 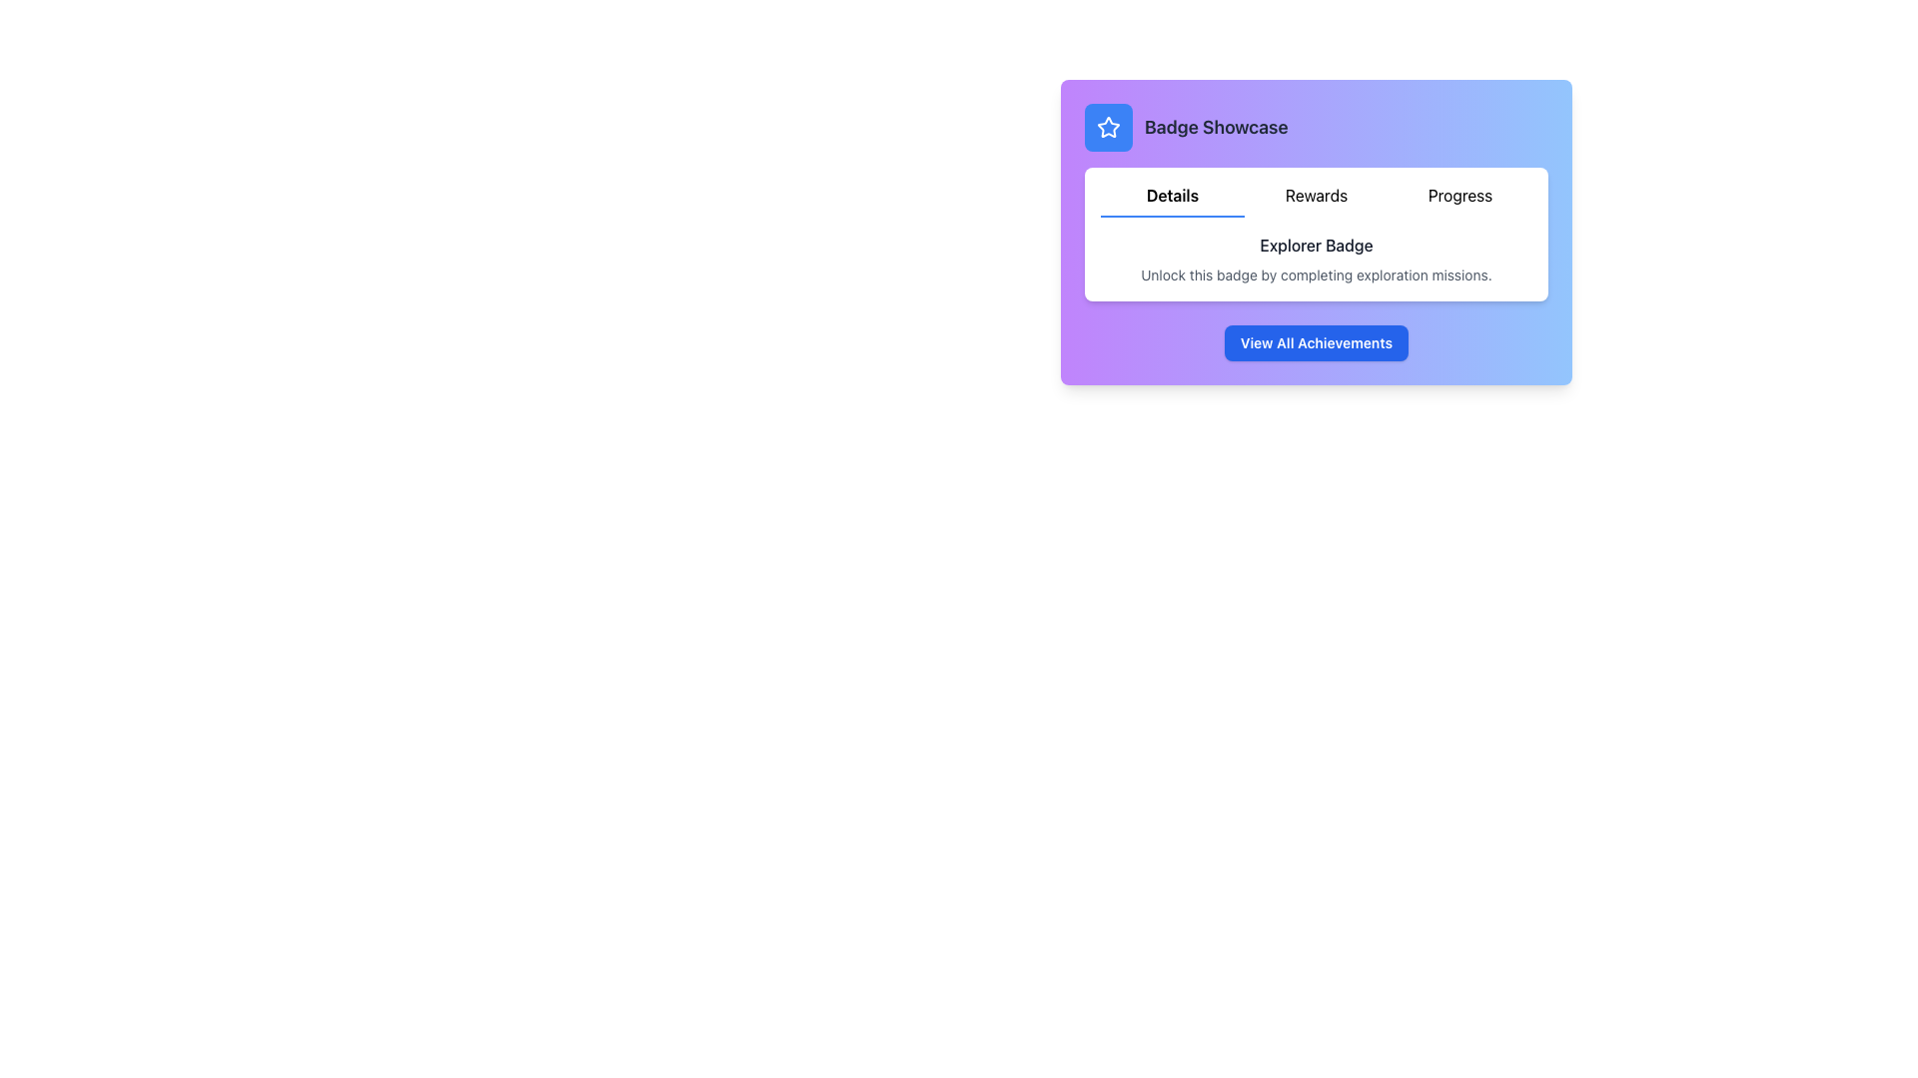 What do you see at coordinates (1173, 200) in the screenshot?
I see `the 'Details' tab, which is a bold text label with a blue bottom border located in the navigation bar of the pop-up card` at bounding box center [1173, 200].